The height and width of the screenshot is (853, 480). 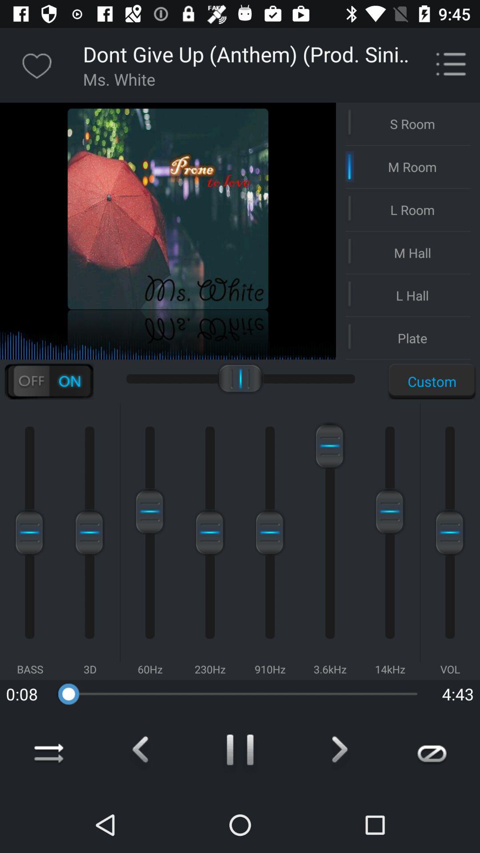 What do you see at coordinates (336, 752) in the screenshot?
I see `the arrow_forward icon` at bounding box center [336, 752].